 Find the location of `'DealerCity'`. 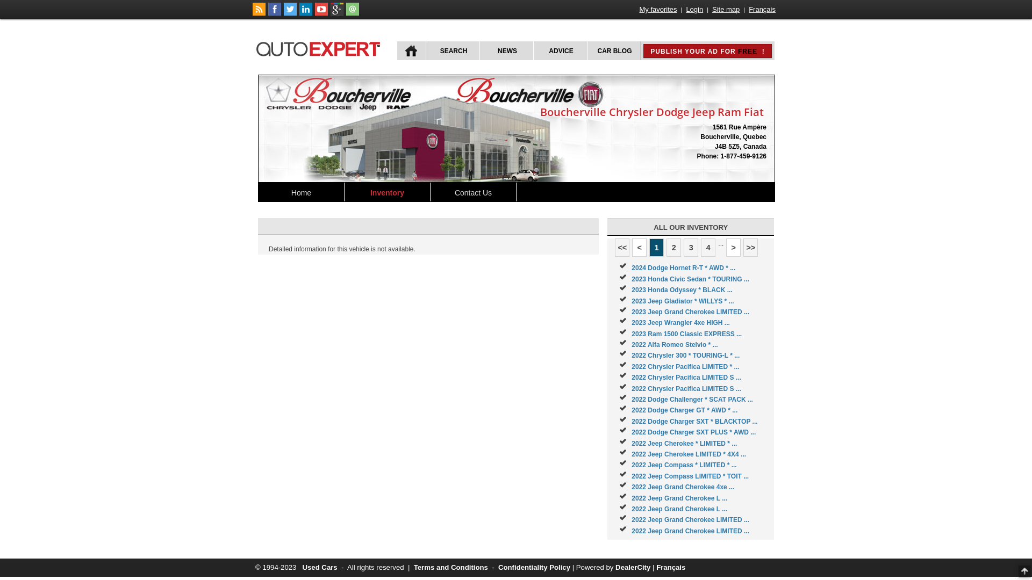

'DealerCity' is located at coordinates (633, 567).